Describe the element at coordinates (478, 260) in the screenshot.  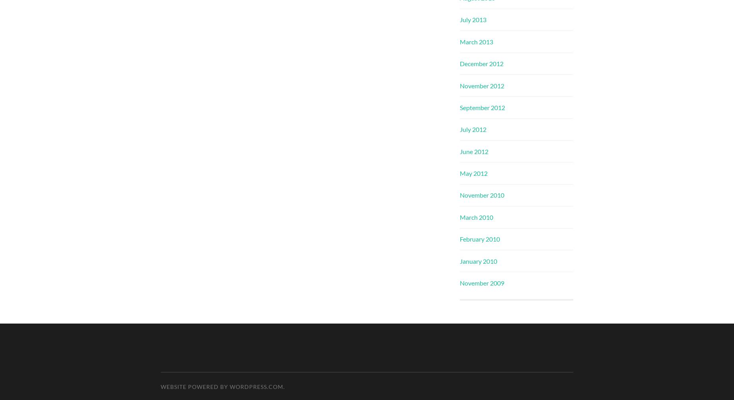
I see `'January 2010'` at that location.